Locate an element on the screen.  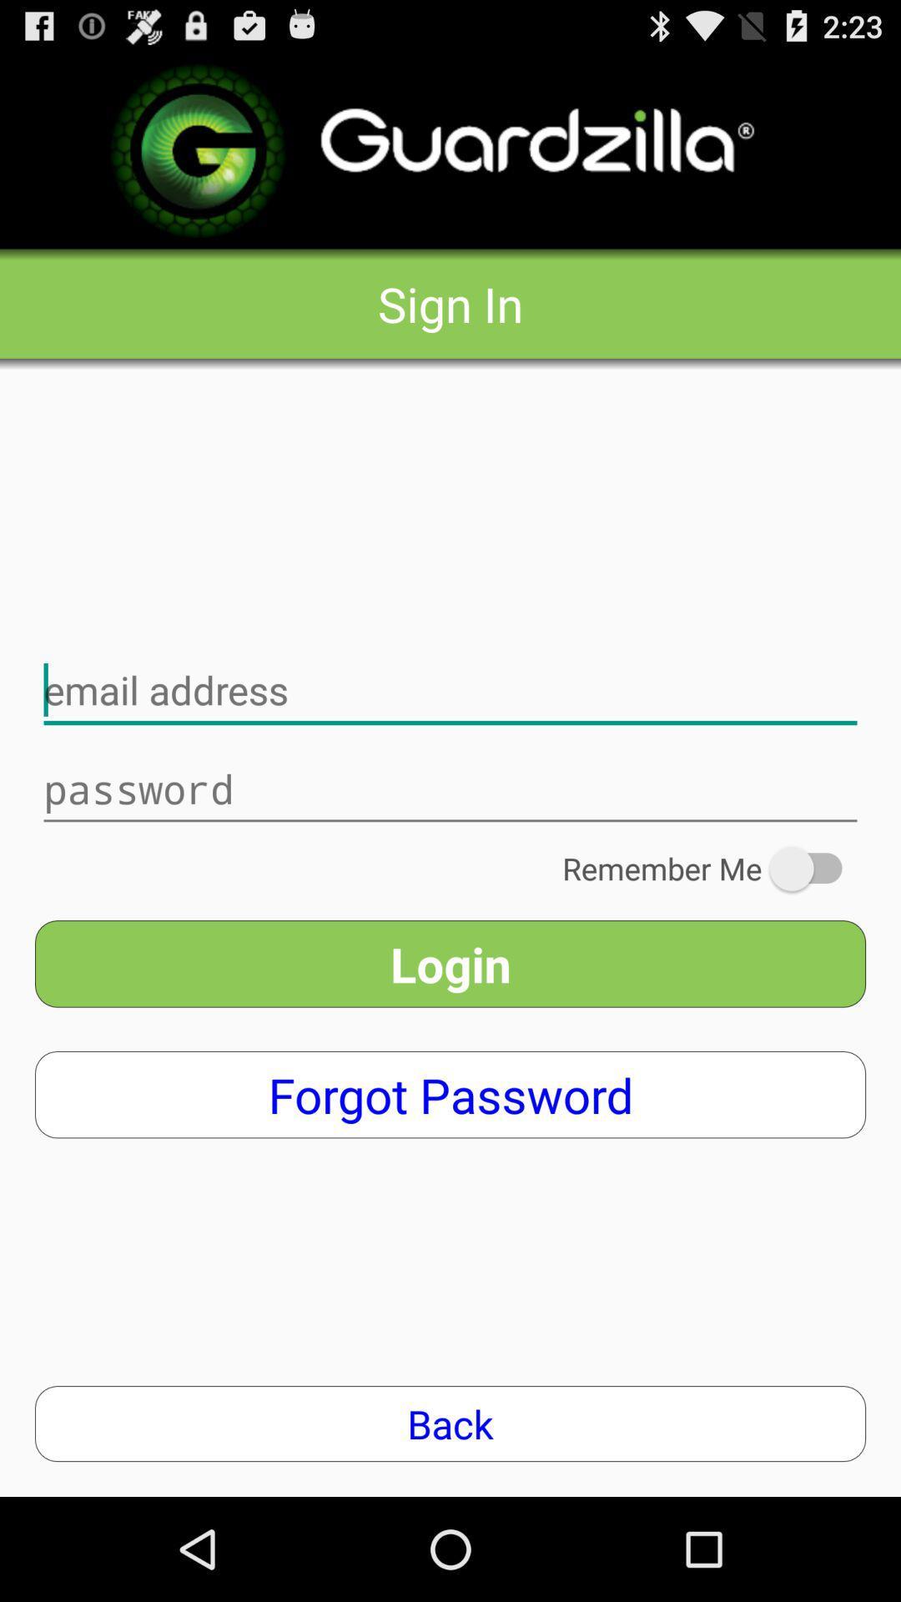
the remember me icon is located at coordinates (713, 868).